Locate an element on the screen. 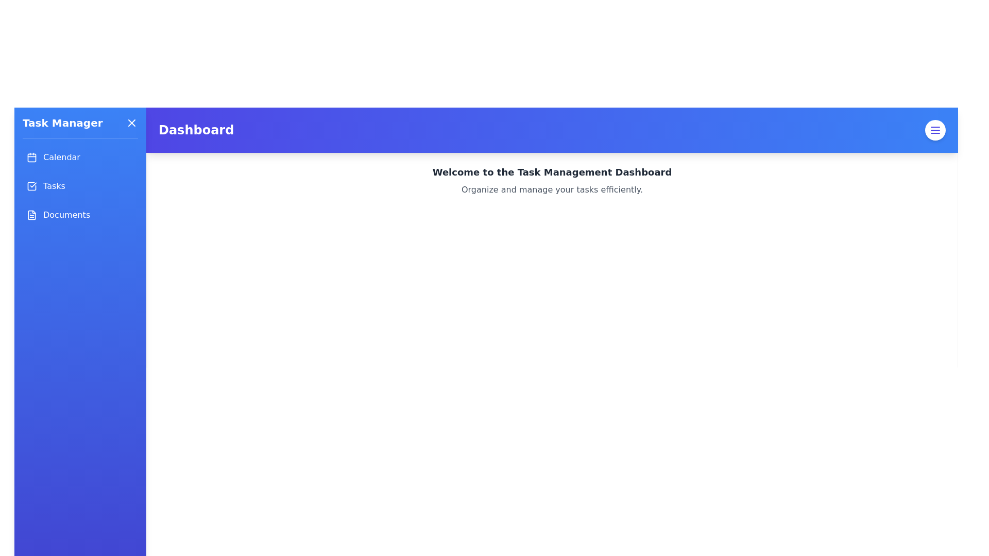 This screenshot has height=556, width=989. text of the heading 'Welcome to the Task Management Dashboard' to understand the purpose of the dashboard is located at coordinates (551, 172).